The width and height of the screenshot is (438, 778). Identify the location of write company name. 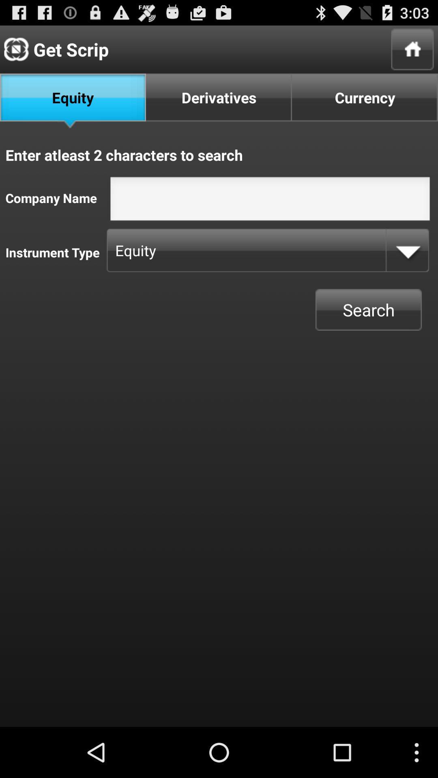
(270, 201).